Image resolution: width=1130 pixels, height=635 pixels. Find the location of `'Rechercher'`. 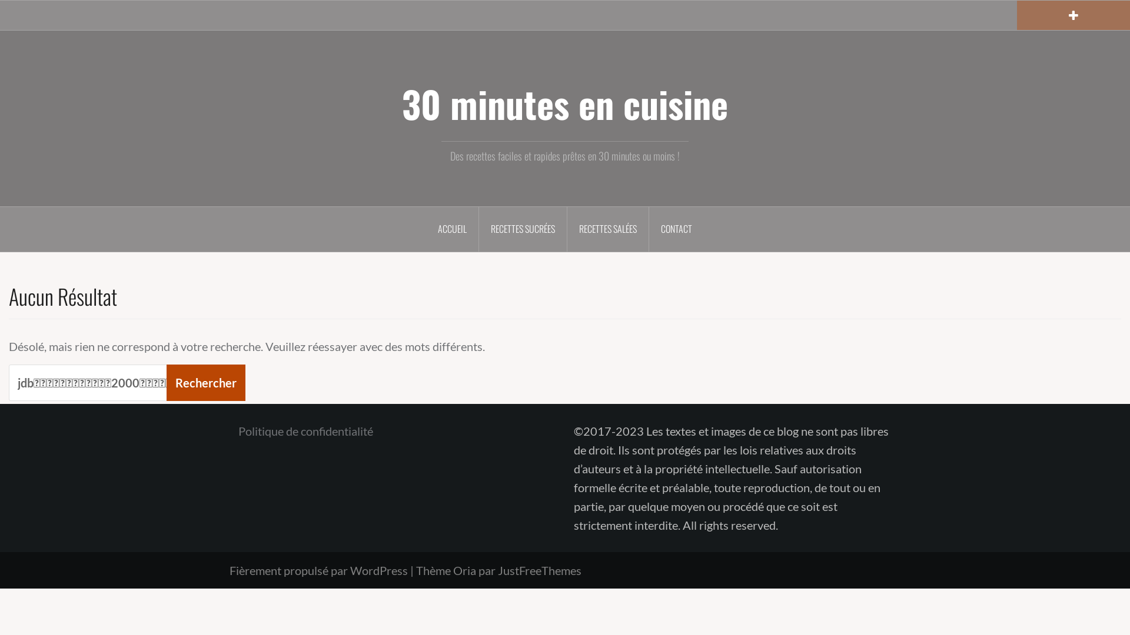

'Rechercher' is located at coordinates (206, 383).